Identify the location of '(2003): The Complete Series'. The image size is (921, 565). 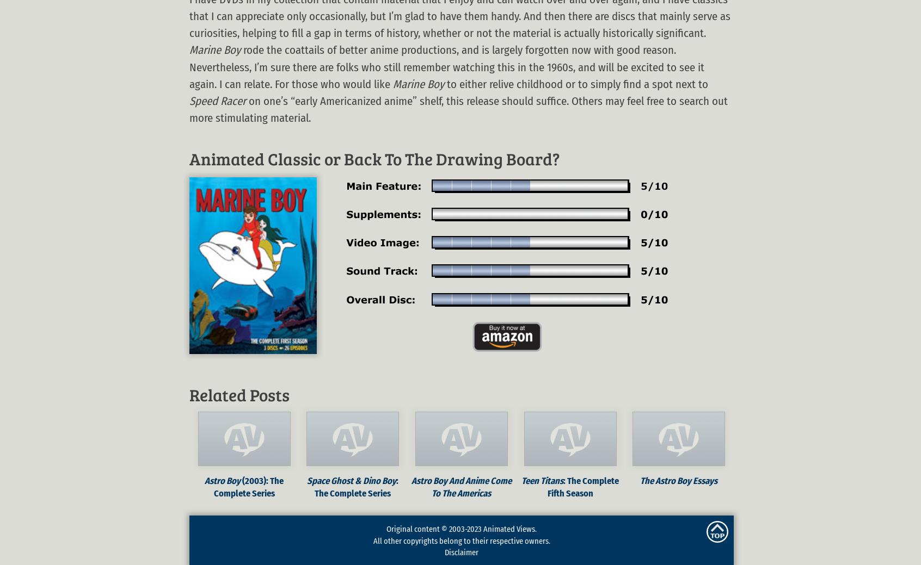
(248, 486).